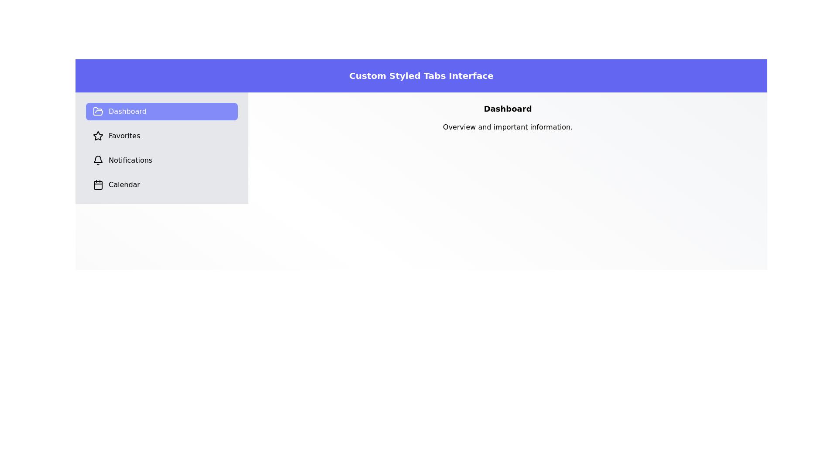  Describe the element at coordinates (162, 136) in the screenshot. I see `the Favorites tab to switch the content` at that location.